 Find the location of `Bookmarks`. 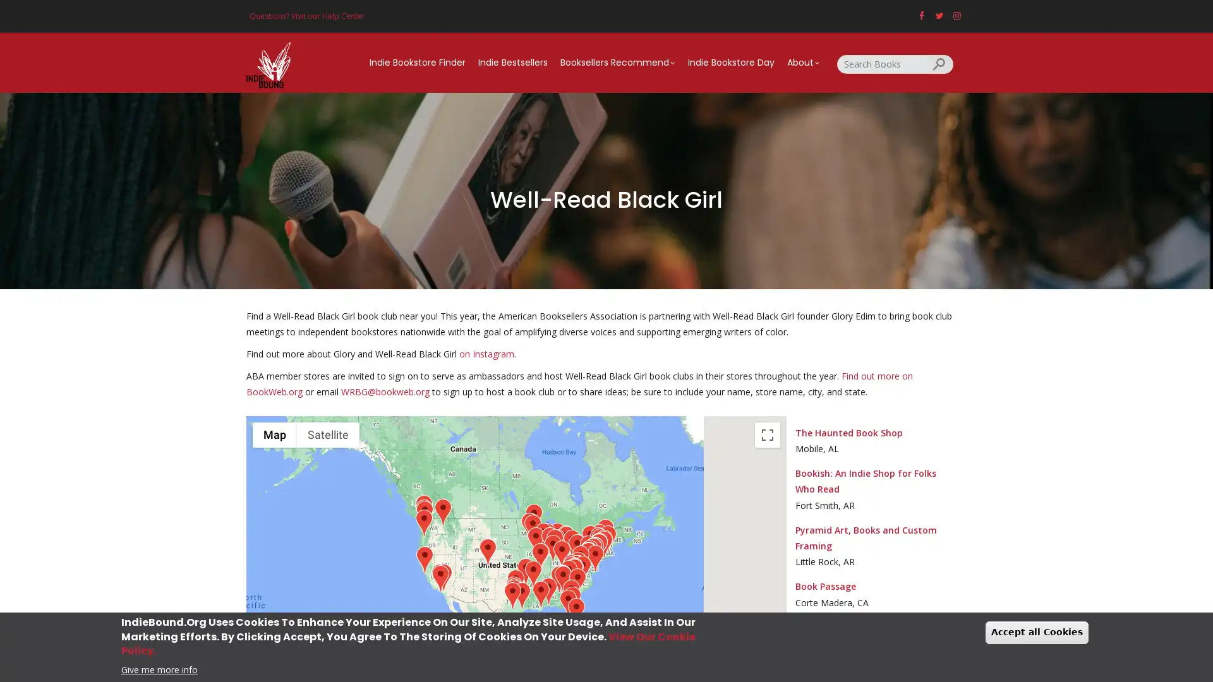

Bookmarks is located at coordinates (575, 567).